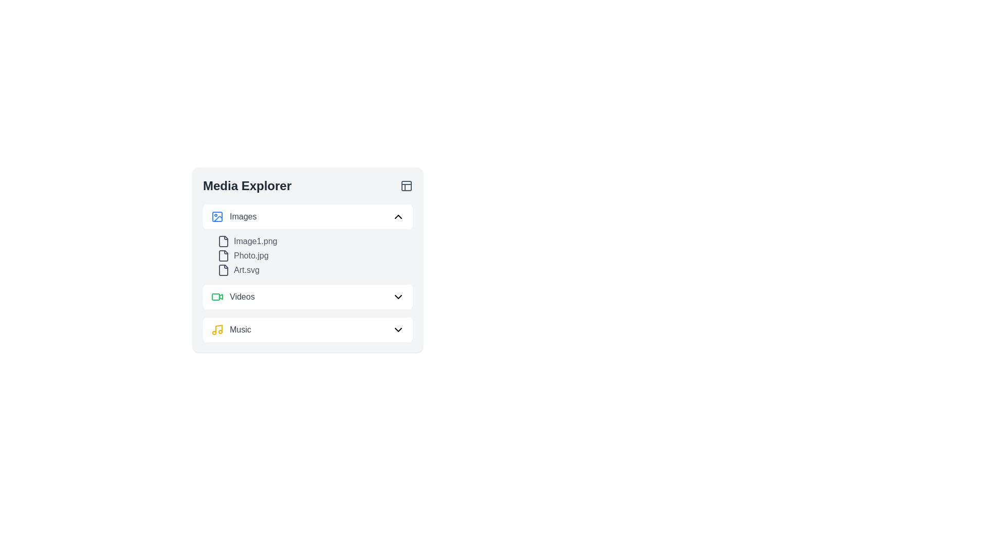 The width and height of the screenshot is (987, 555). I want to click on the 'Music' text and icon combination in the second entry of the vertical list within the 'Media Explorer' section, so click(230, 329).